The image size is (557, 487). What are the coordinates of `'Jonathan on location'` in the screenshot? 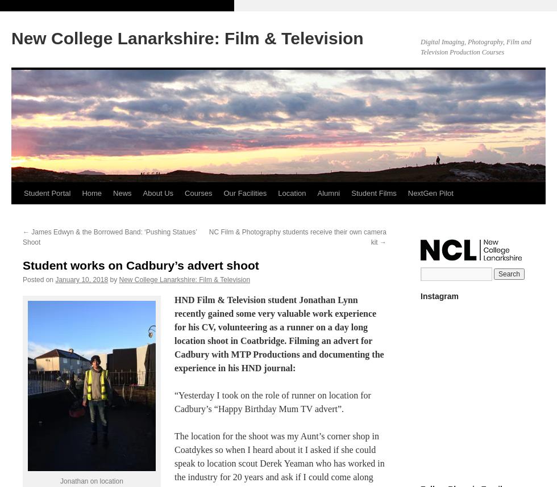 It's located at (92, 480).